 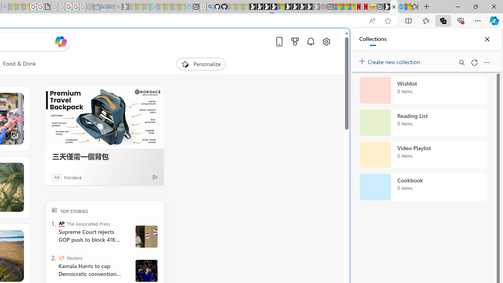 What do you see at coordinates (423, 155) in the screenshot?
I see `'Video Playlist collection, 0 items'` at bounding box center [423, 155].